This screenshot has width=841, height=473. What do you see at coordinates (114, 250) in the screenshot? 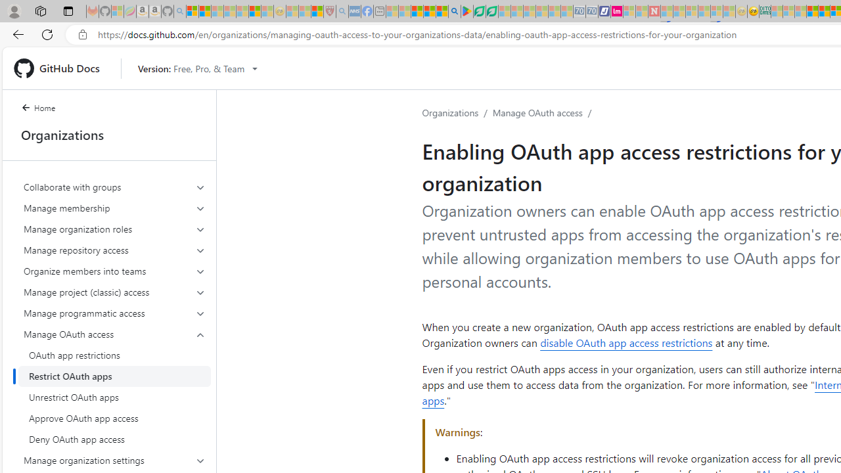
I see `'Manage repository access'` at bounding box center [114, 250].